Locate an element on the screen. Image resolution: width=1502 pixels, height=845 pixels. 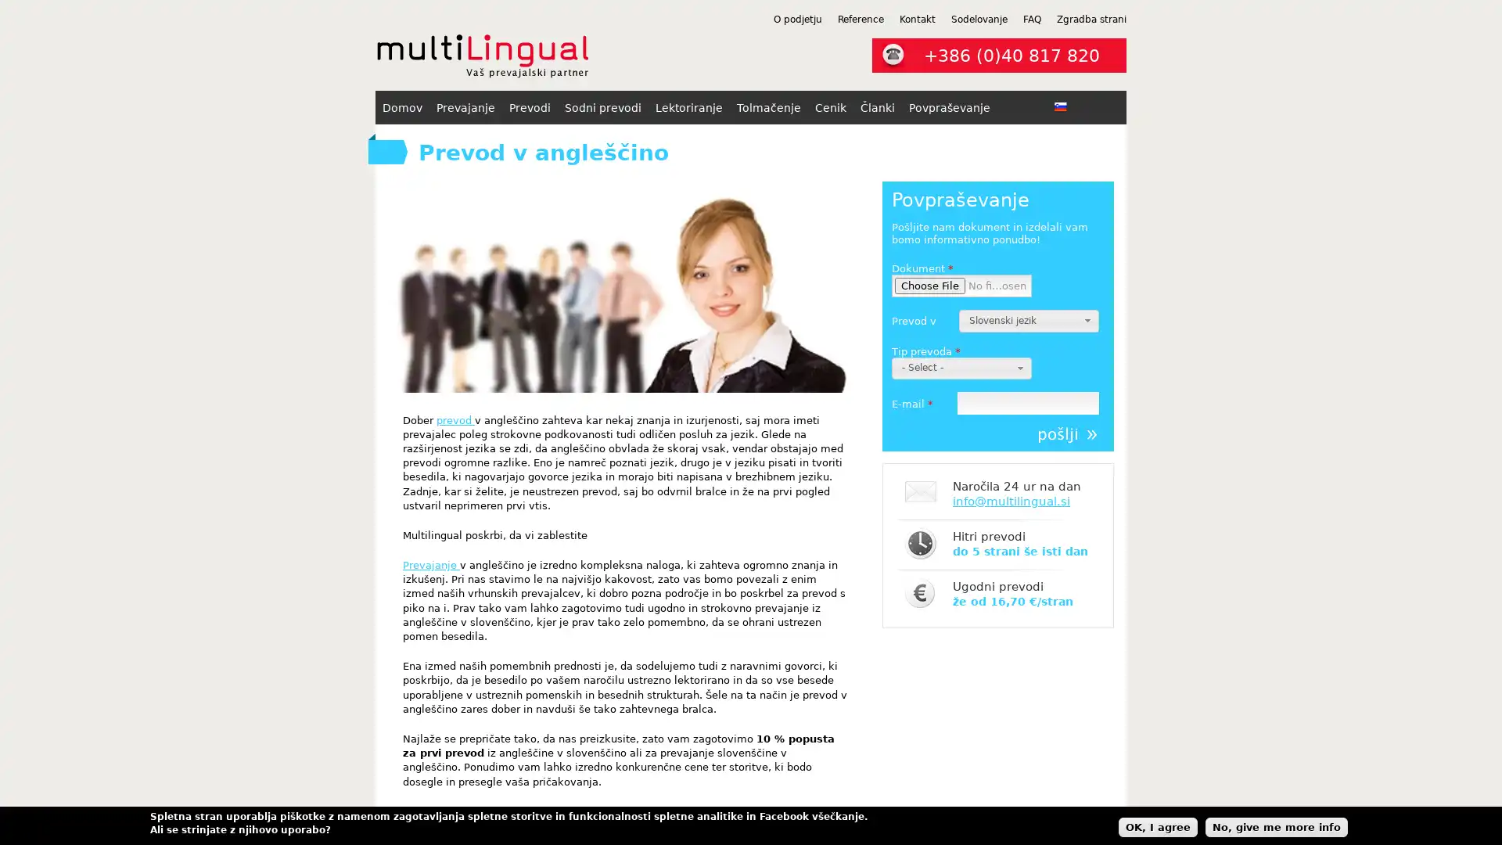
OK, I agree is located at coordinates (1158, 825).